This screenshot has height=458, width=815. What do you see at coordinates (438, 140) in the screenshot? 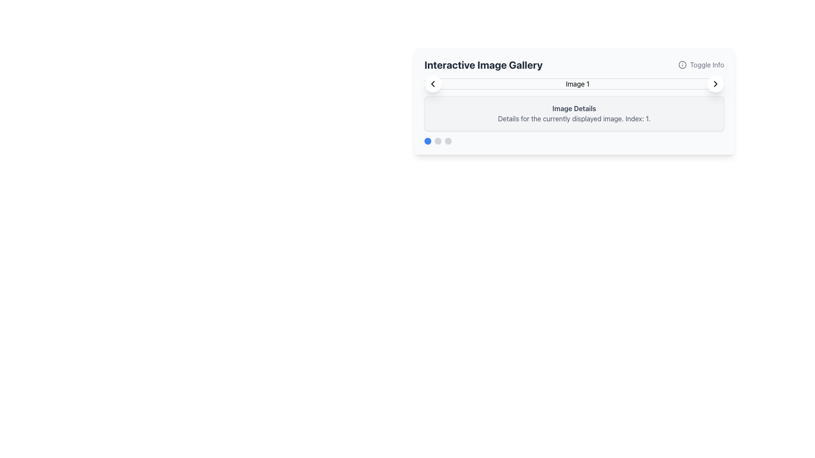
I see `the second circular dot with a light gray background in the horizontal row of dots near the bottom-left corner of the 'Interactive Image Gallery' card to change its color to blue` at bounding box center [438, 140].